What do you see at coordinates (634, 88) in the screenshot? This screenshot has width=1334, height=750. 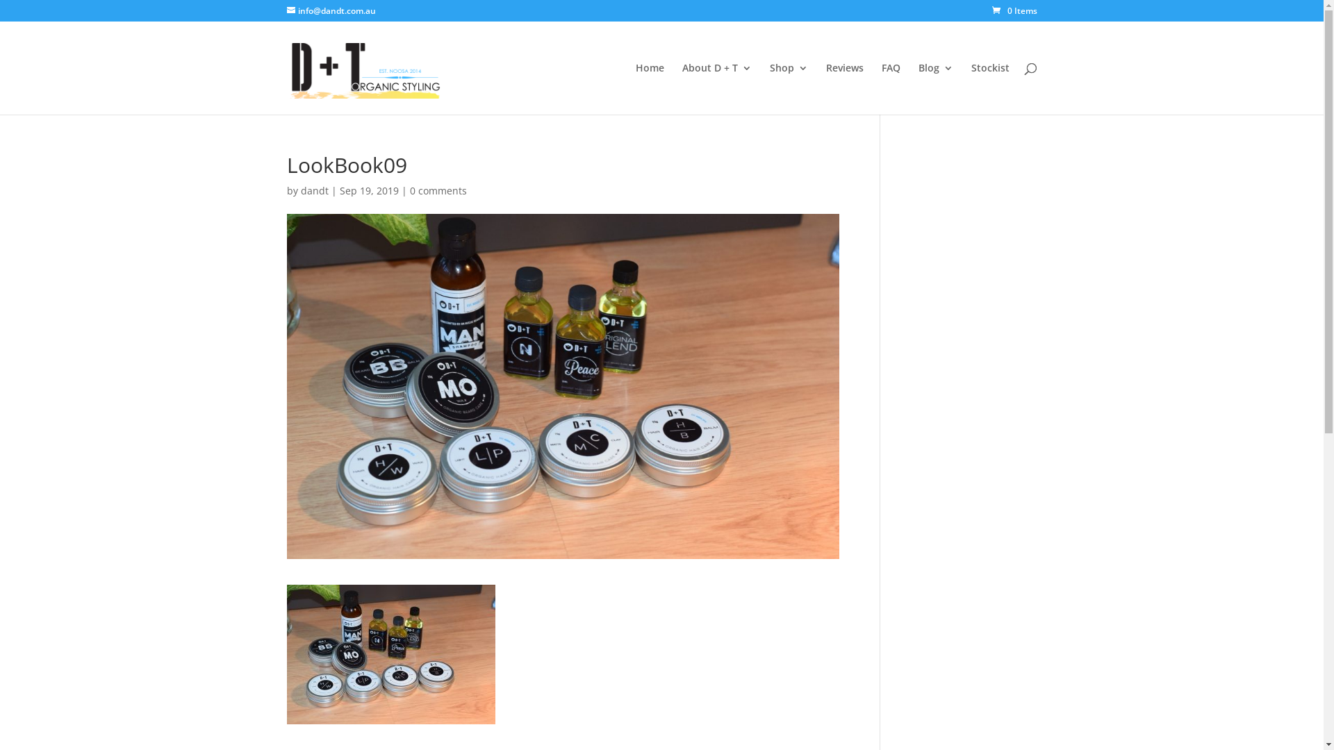 I see `'Home'` at bounding box center [634, 88].